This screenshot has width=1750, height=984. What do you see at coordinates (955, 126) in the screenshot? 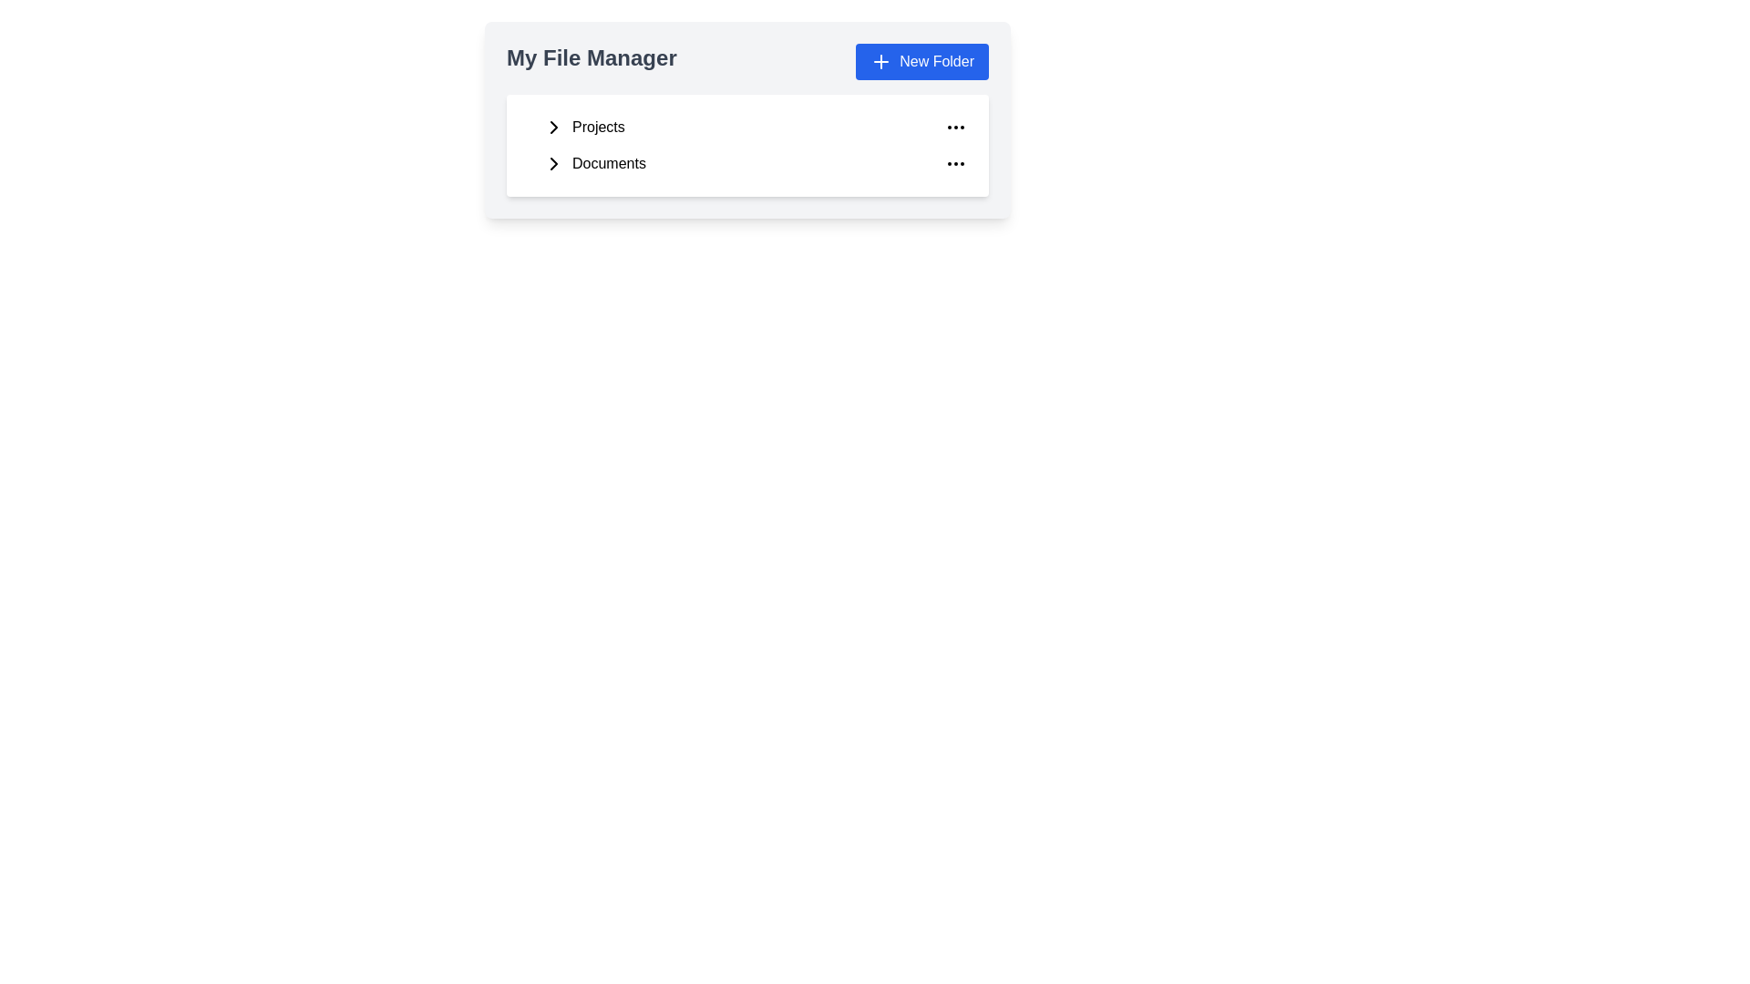
I see `the ellipsis menu icon located at the far right side of the 'Projects' row` at bounding box center [955, 126].